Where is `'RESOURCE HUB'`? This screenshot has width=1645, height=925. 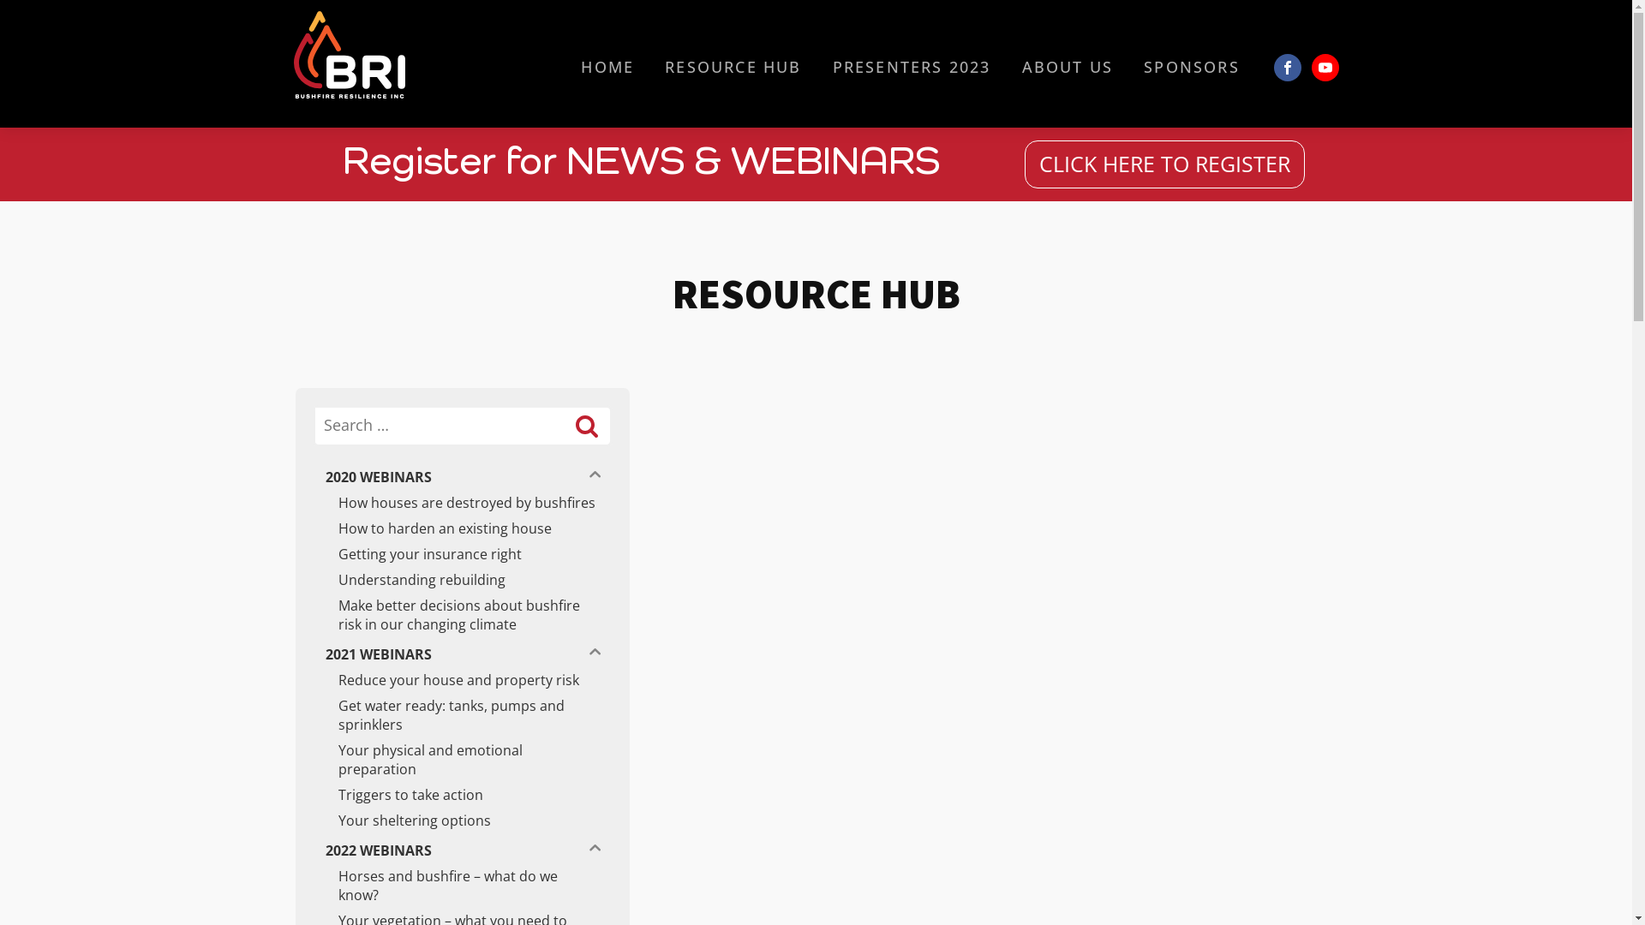
'RESOURCE HUB' is located at coordinates (733, 66).